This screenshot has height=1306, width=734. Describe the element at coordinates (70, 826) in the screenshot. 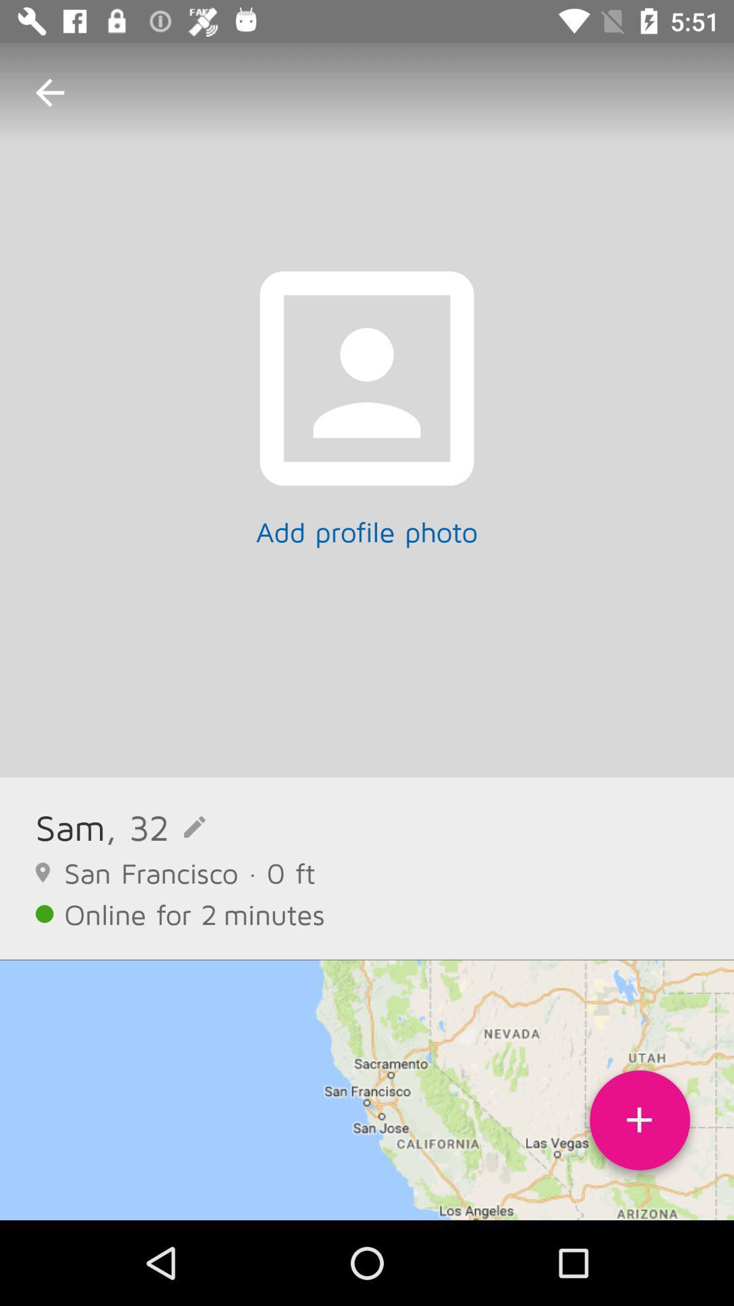

I see `icon to the left of , 32 icon` at that location.